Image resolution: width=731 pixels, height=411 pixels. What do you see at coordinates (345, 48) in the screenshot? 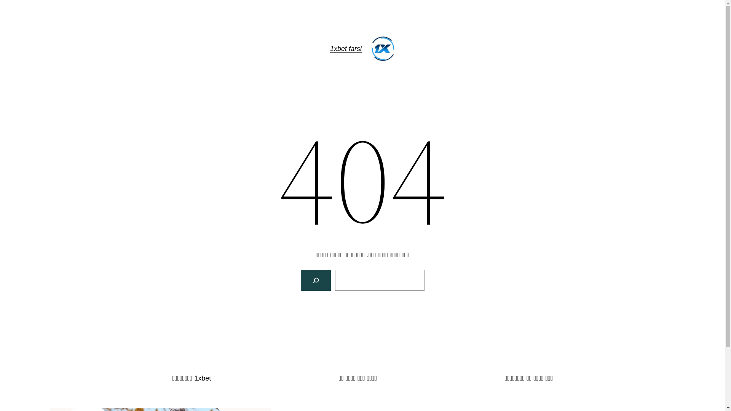
I see `'1xbet farsi'` at bounding box center [345, 48].